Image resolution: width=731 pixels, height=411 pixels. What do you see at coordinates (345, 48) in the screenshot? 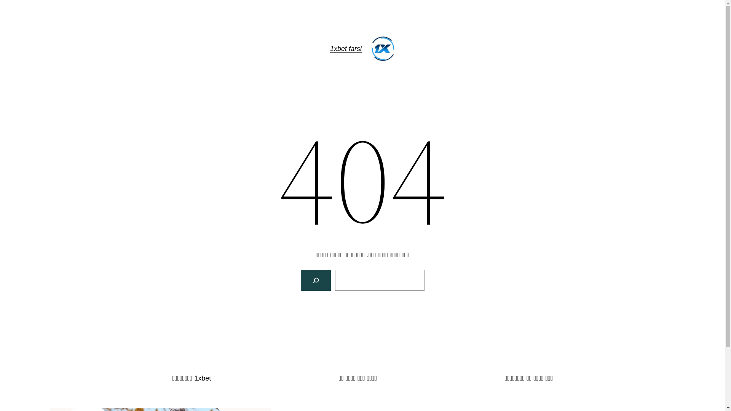
I see `'1xbet farsi'` at bounding box center [345, 48].